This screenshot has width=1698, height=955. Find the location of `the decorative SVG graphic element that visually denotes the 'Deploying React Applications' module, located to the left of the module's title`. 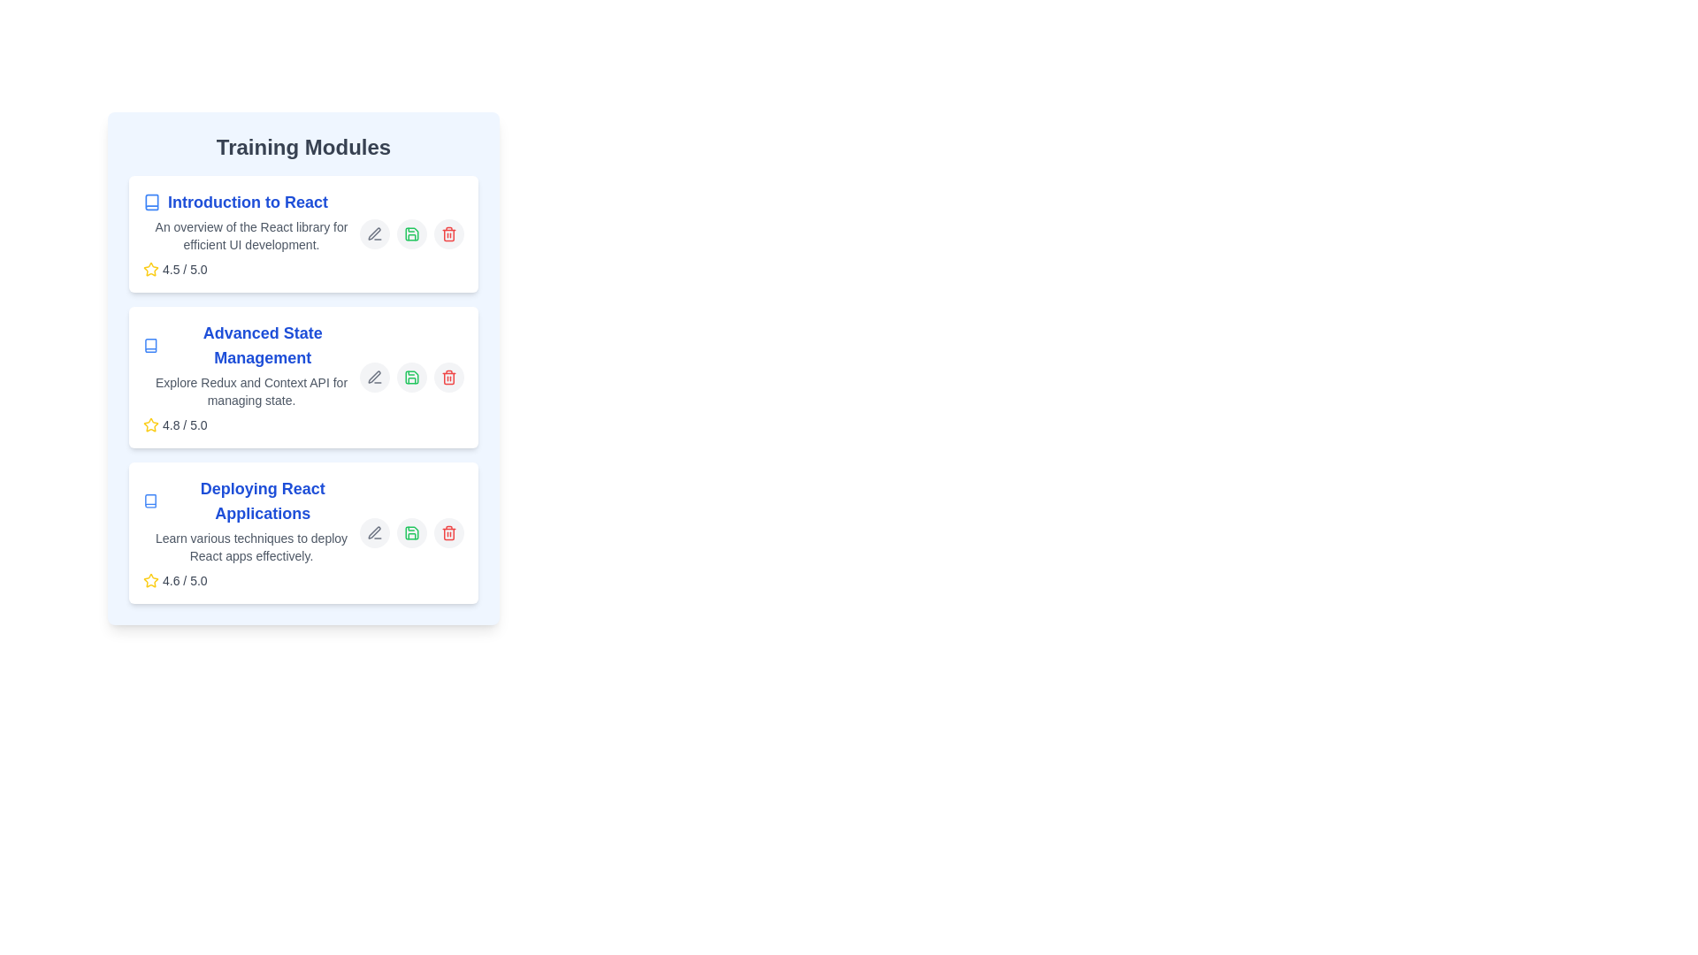

the decorative SVG graphic element that visually denotes the 'Deploying React Applications' module, located to the left of the module's title is located at coordinates (150, 501).